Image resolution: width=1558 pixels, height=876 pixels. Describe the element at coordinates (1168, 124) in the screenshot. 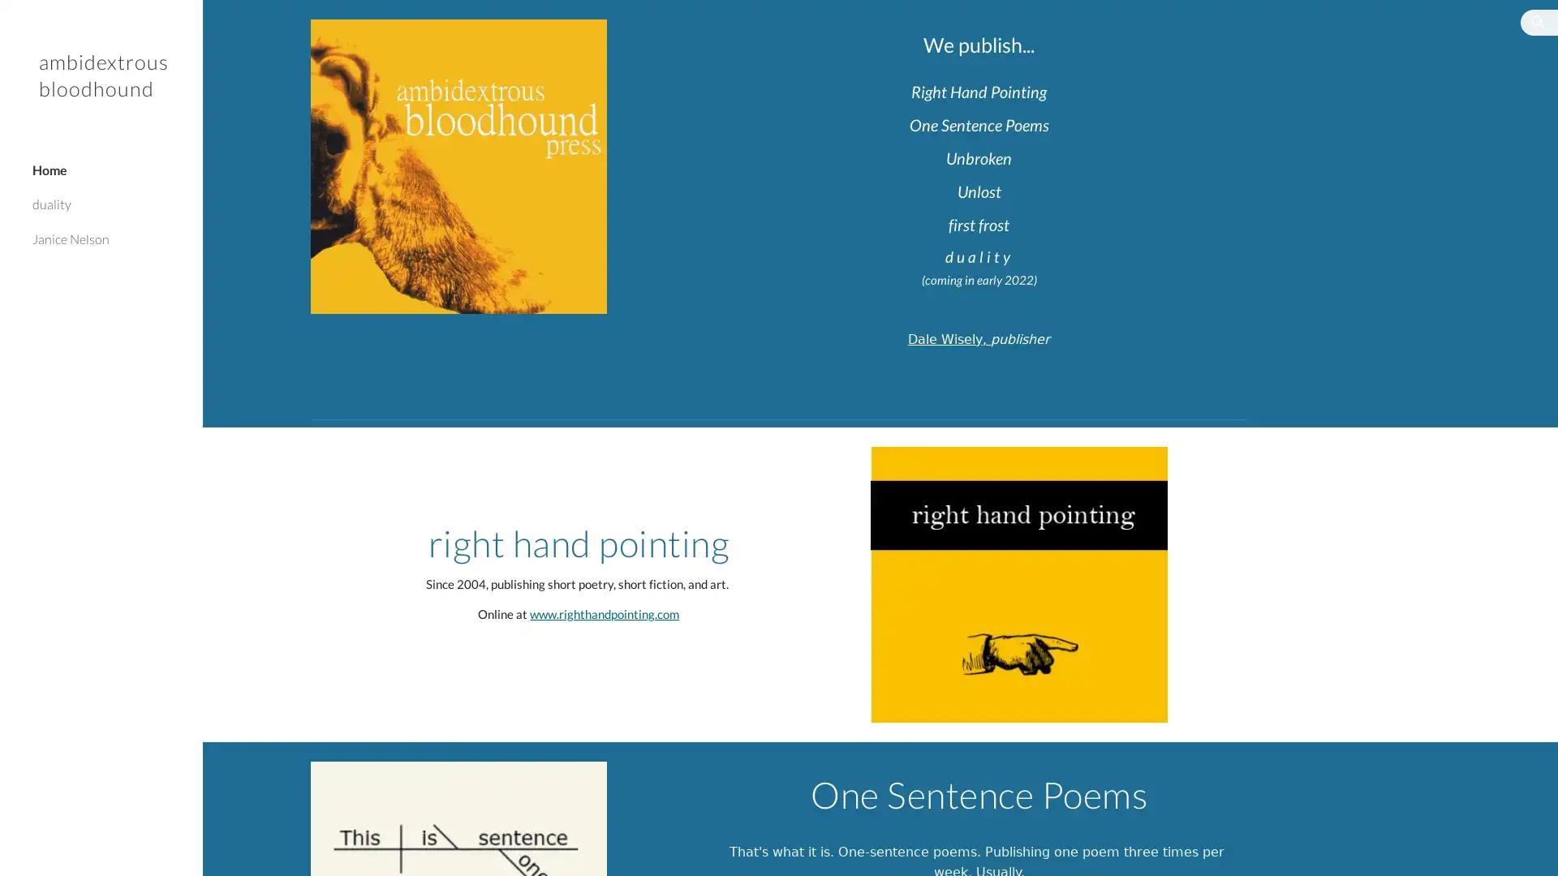

I see `Copy heading link` at that location.